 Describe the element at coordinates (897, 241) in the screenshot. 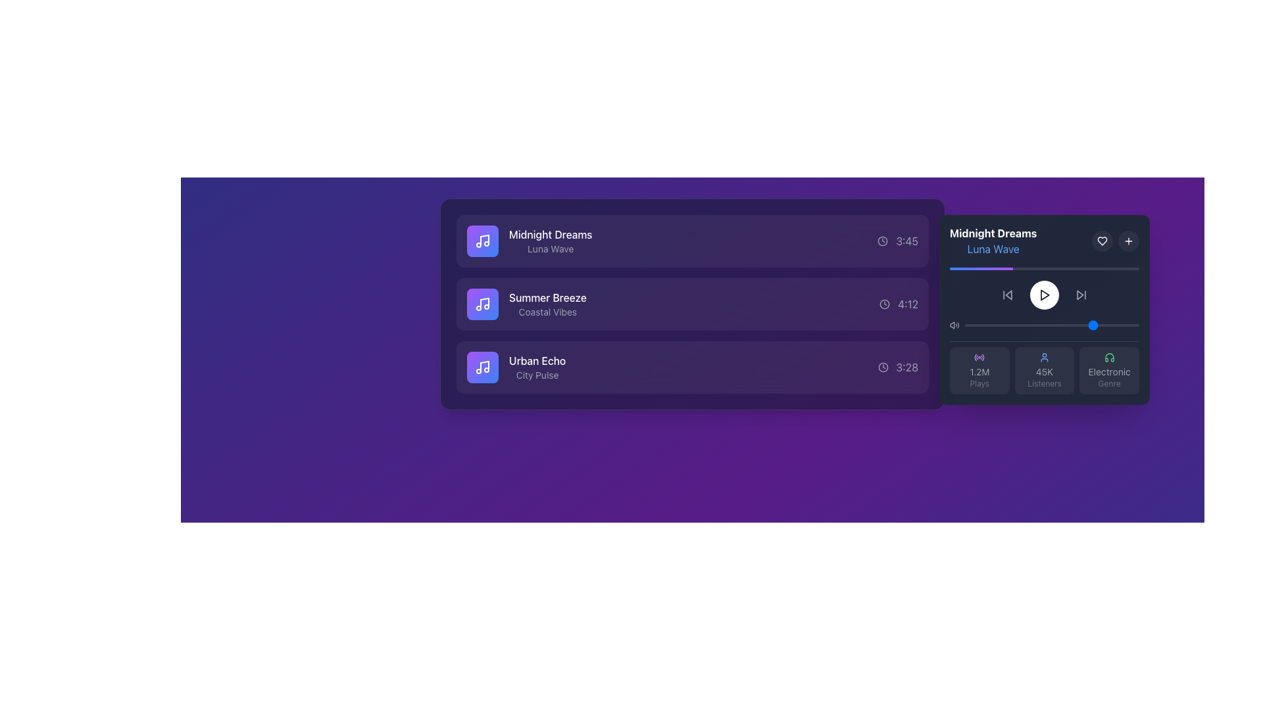

I see `the Text label displaying '3:45' in light gray, located in the third column next to the 'Midnight Dreams' headline and 'Luna Wave' subtitle` at that location.